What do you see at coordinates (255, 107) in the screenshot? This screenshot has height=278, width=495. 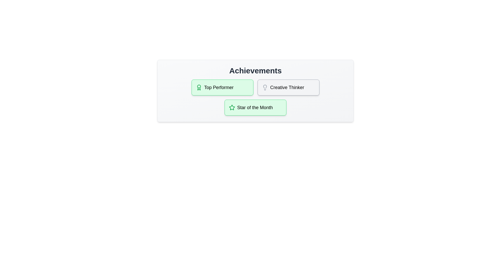 I see `the achievement titled Star of the Month to view its details` at bounding box center [255, 107].